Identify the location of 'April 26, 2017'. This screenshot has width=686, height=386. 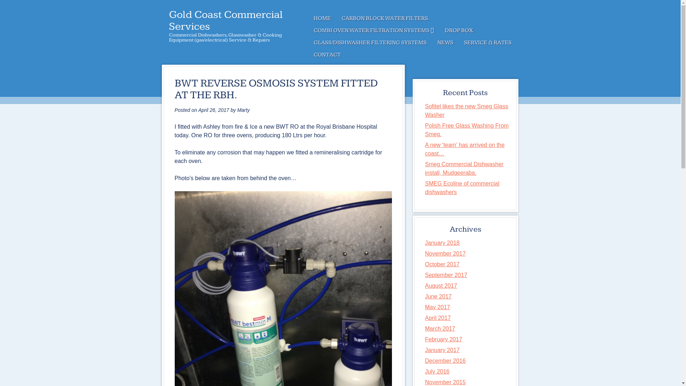
(213, 110).